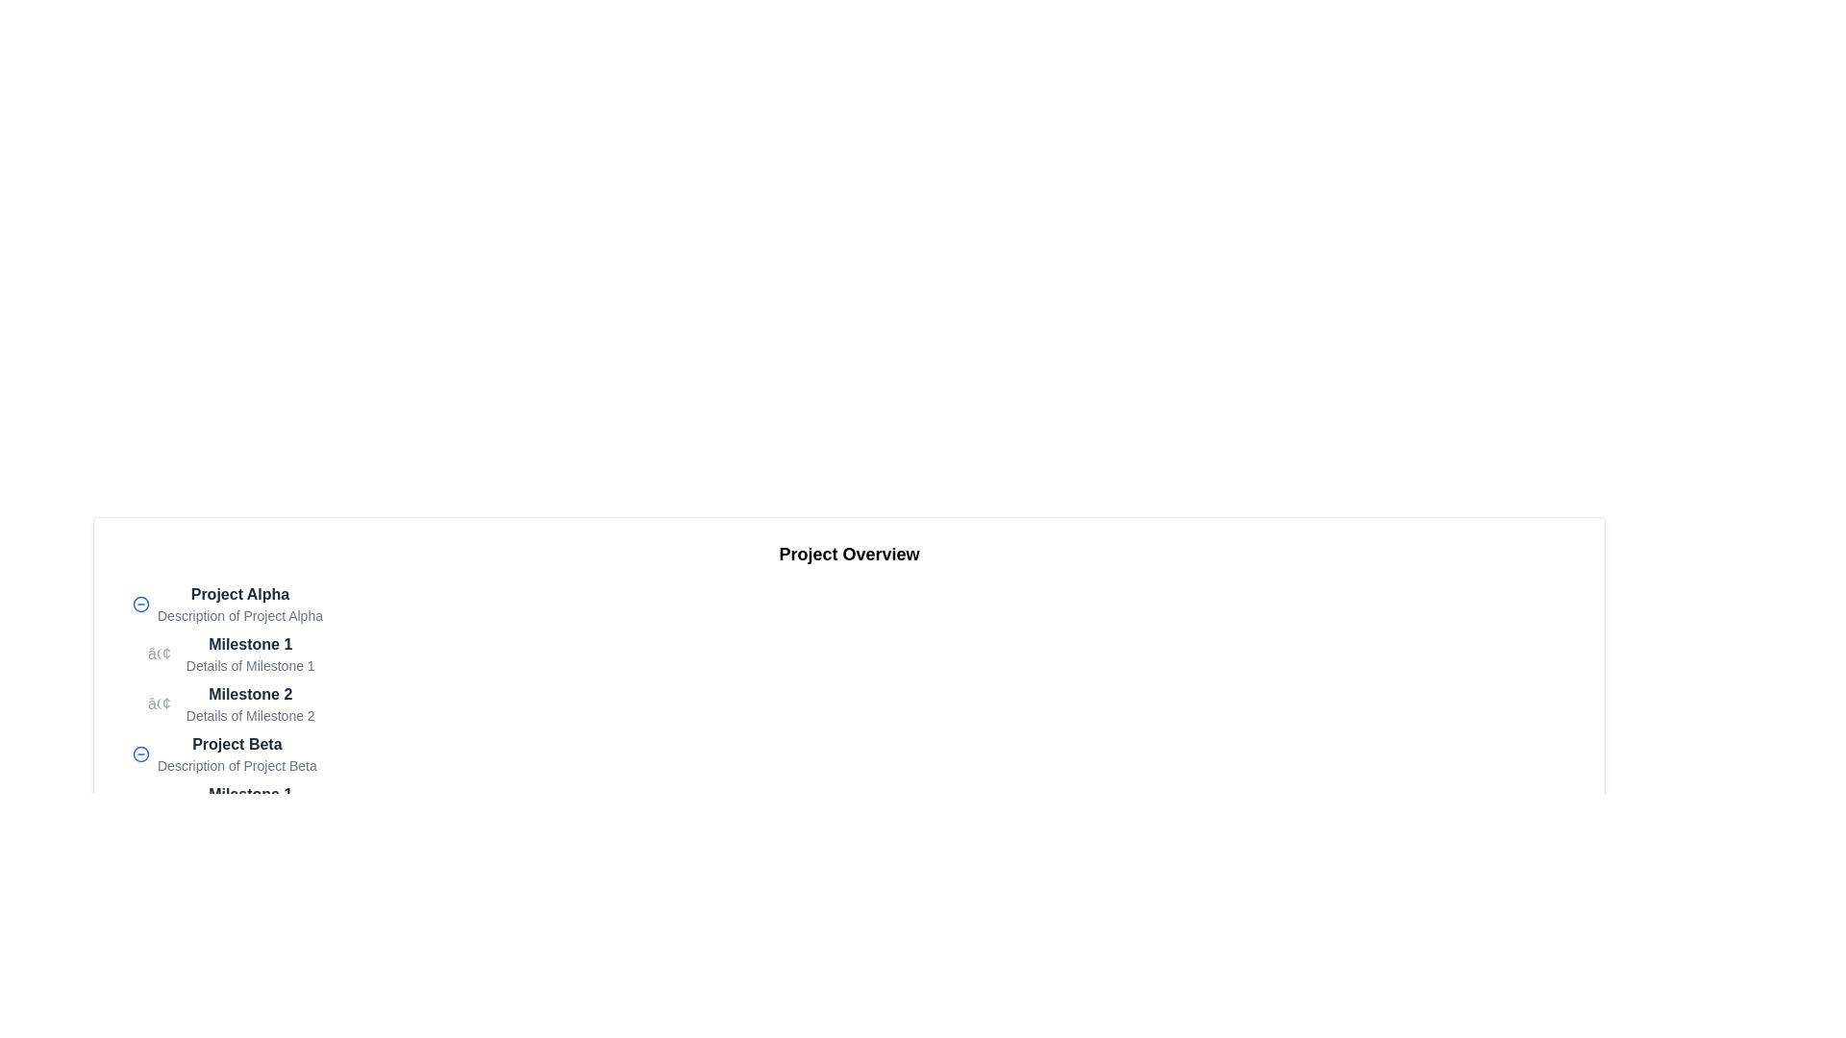 This screenshot has height=1038, width=1846. What do you see at coordinates (140, 754) in the screenshot?
I see `the blue circular icon button with a minus symbol, located to the left of the text 'Project Beta'` at bounding box center [140, 754].